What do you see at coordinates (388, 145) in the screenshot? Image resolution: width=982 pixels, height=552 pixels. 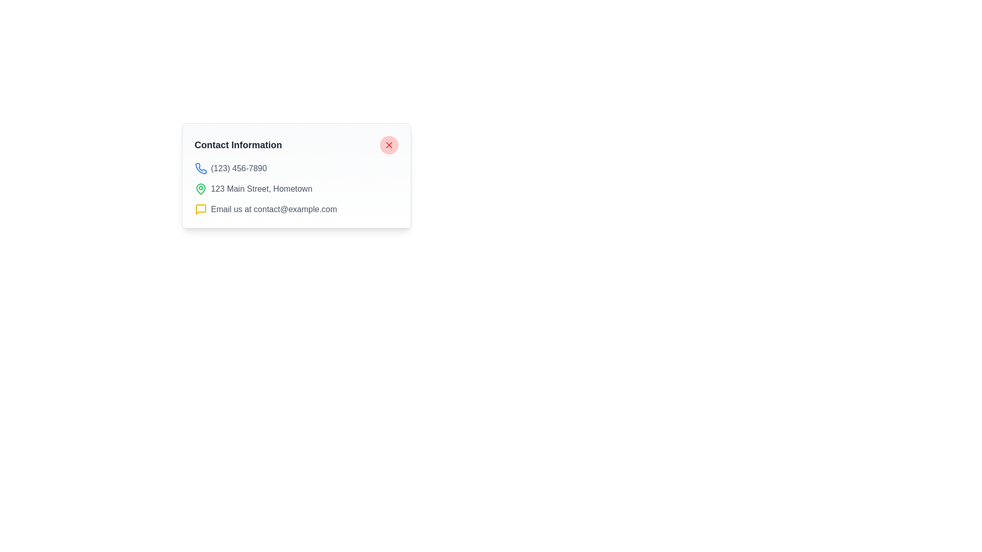 I see `the close button located at the top right corner of the contact information card` at bounding box center [388, 145].